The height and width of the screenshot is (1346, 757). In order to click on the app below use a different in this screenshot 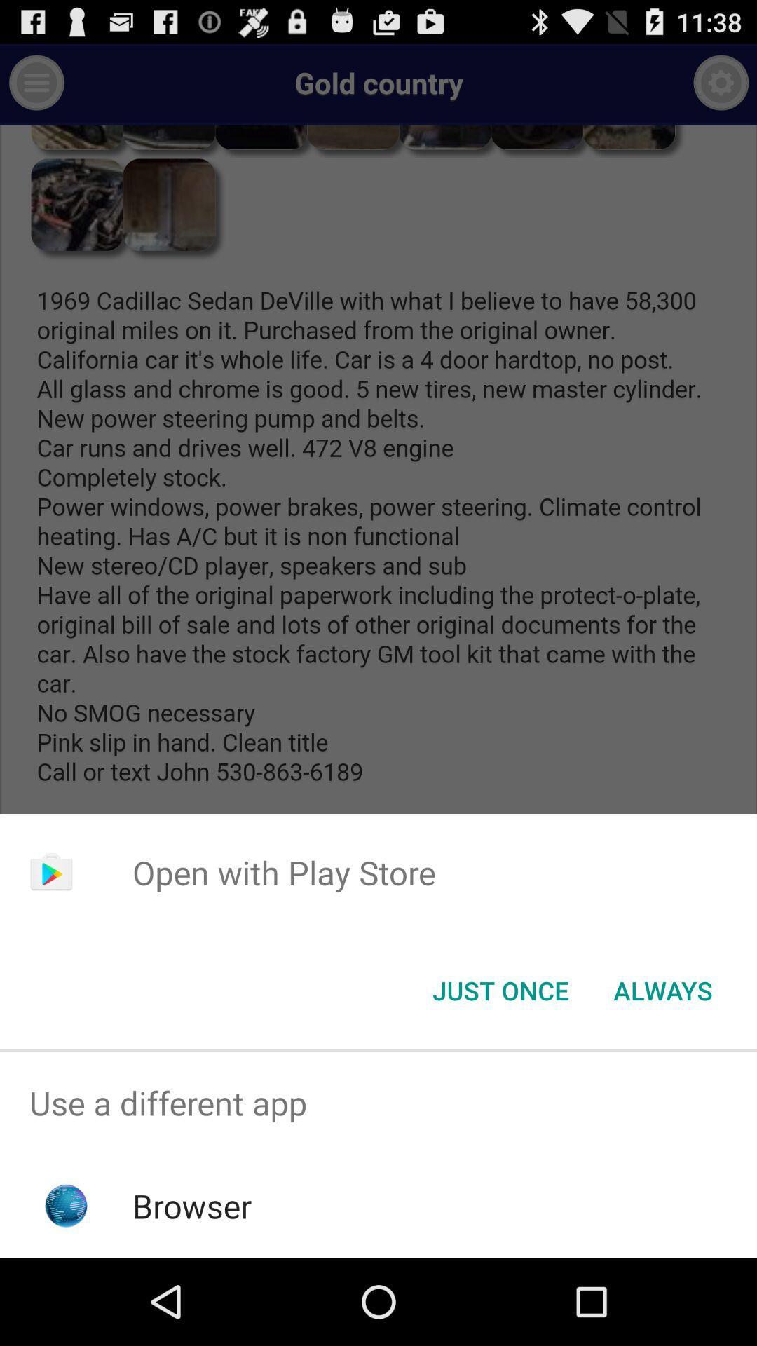, I will do `click(192, 1205)`.